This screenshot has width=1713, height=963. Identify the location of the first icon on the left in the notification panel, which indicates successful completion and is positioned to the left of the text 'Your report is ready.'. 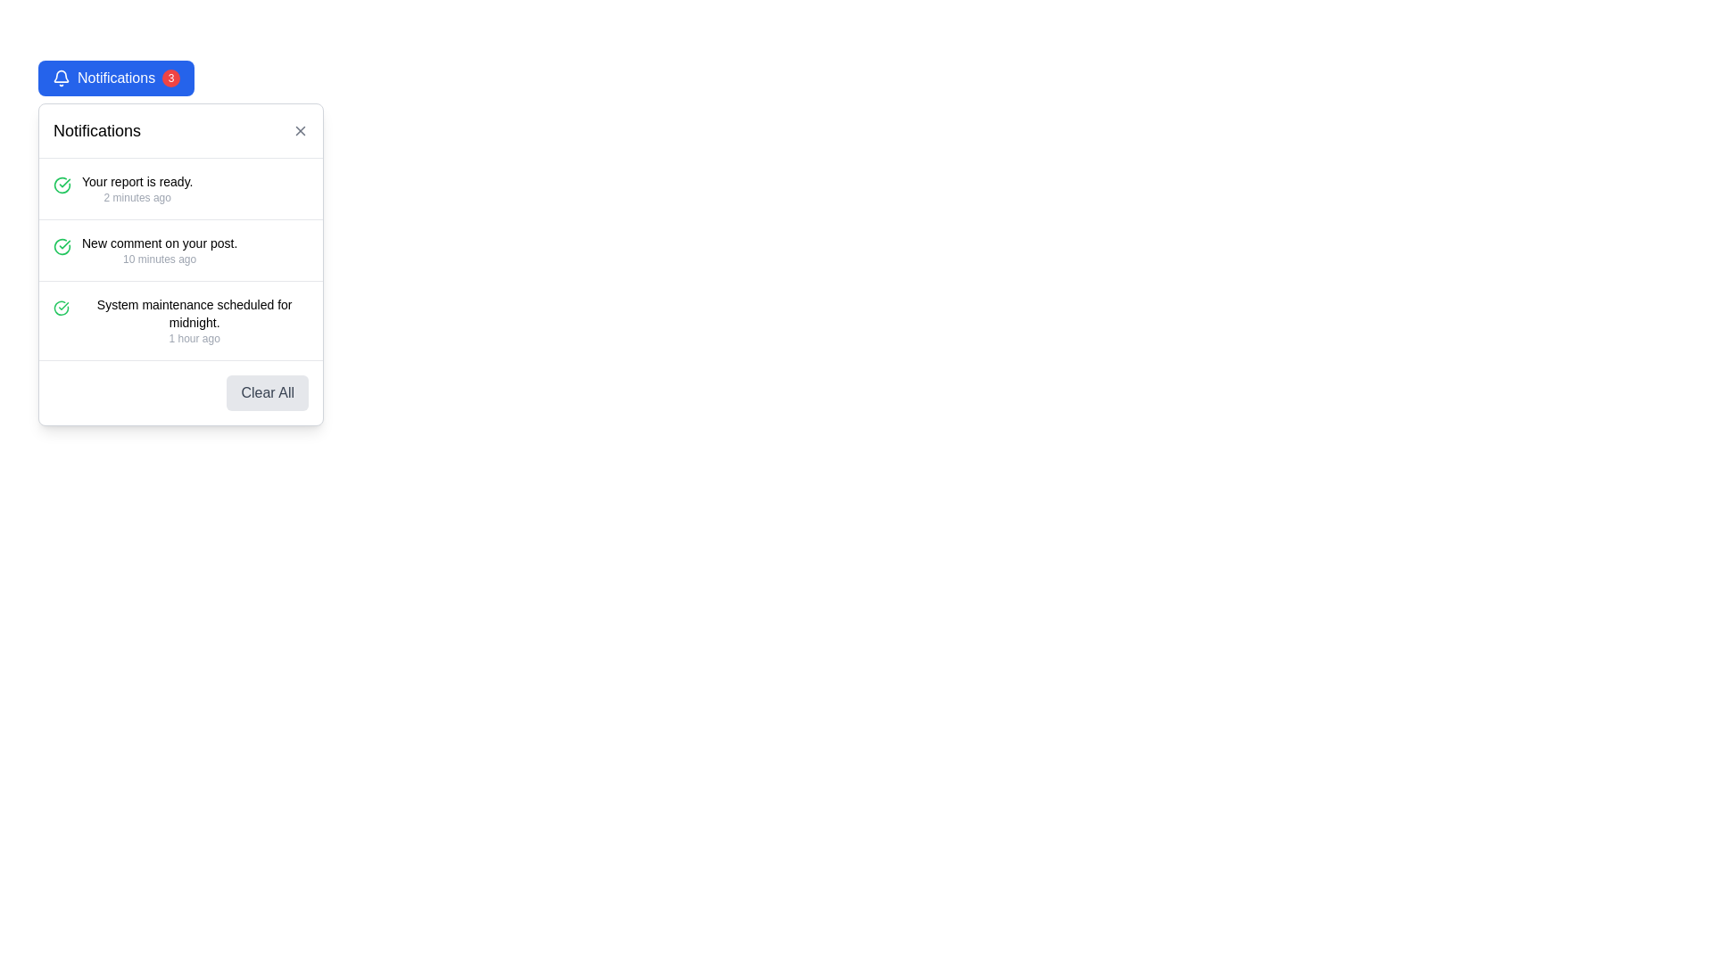
(62, 185).